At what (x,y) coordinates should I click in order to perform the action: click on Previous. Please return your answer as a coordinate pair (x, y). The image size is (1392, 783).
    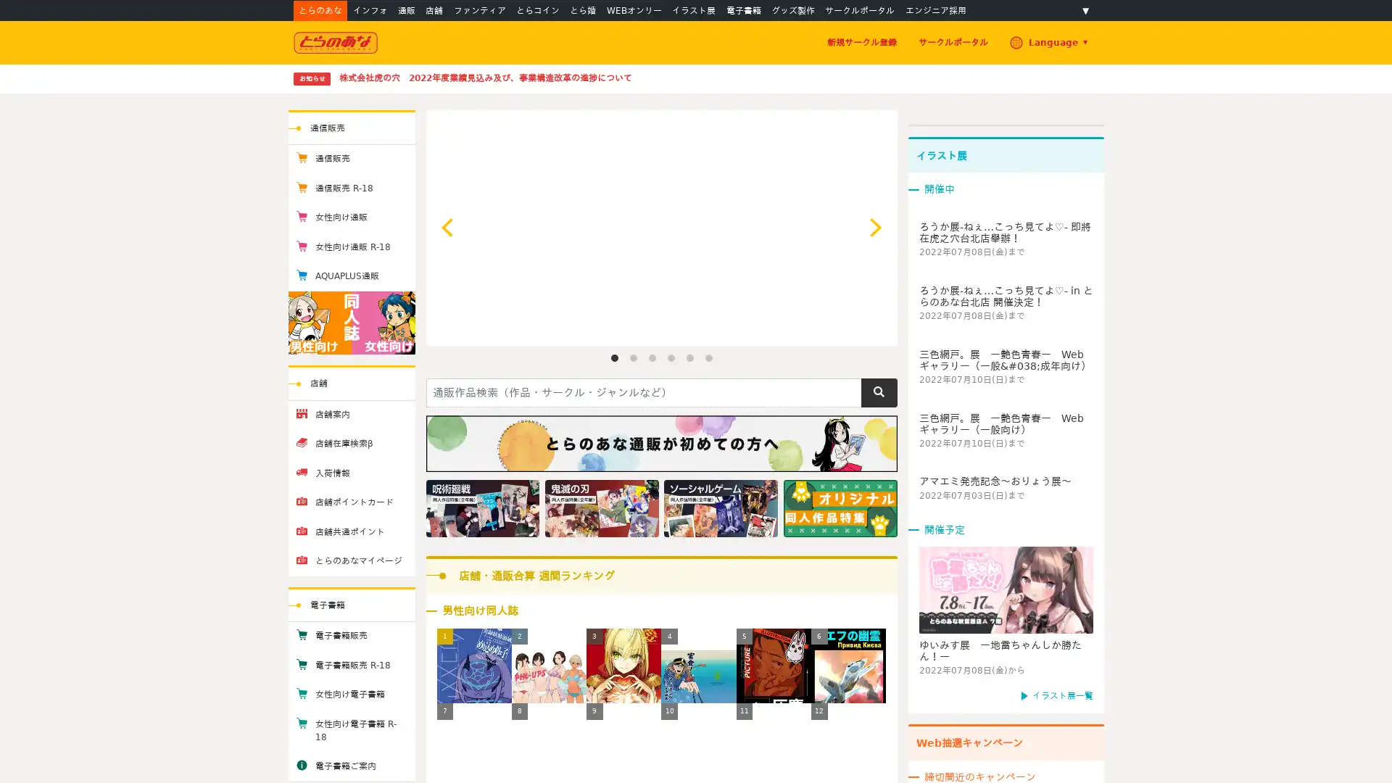
    Looking at the image, I should click on (448, 227).